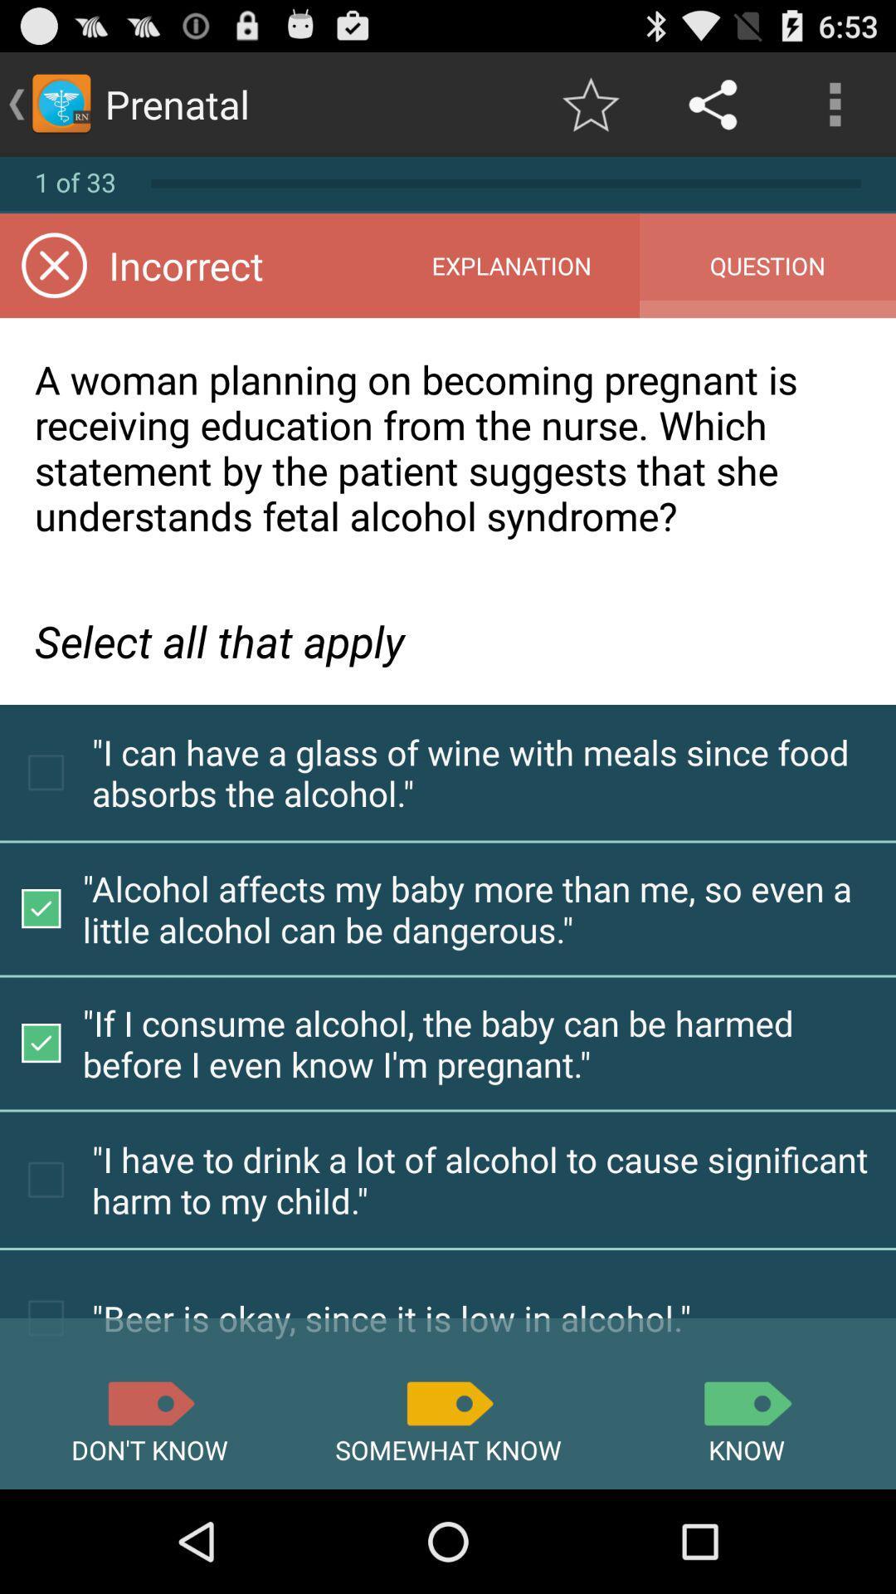 Image resolution: width=896 pixels, height=1594 pixels. I want to click on assert option, so click(745, 1402).